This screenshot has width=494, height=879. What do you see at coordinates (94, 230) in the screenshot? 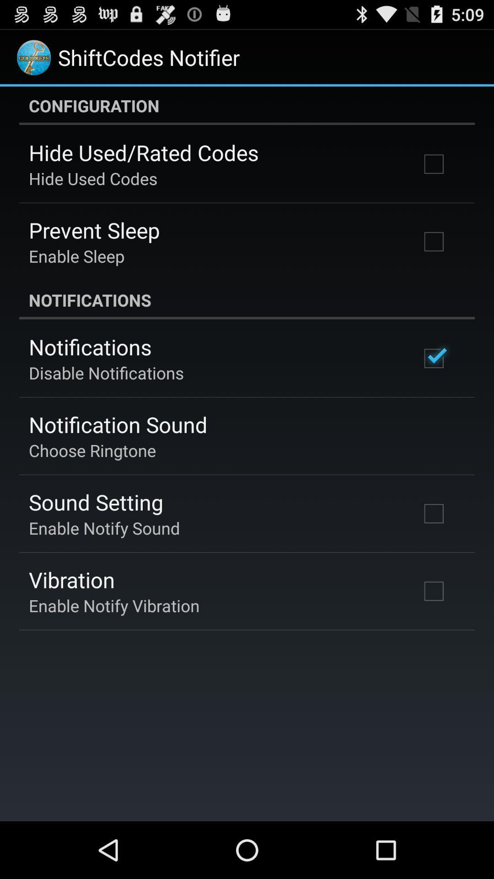
I see `icon above the enable sleep` at bounding box center [94, 230].